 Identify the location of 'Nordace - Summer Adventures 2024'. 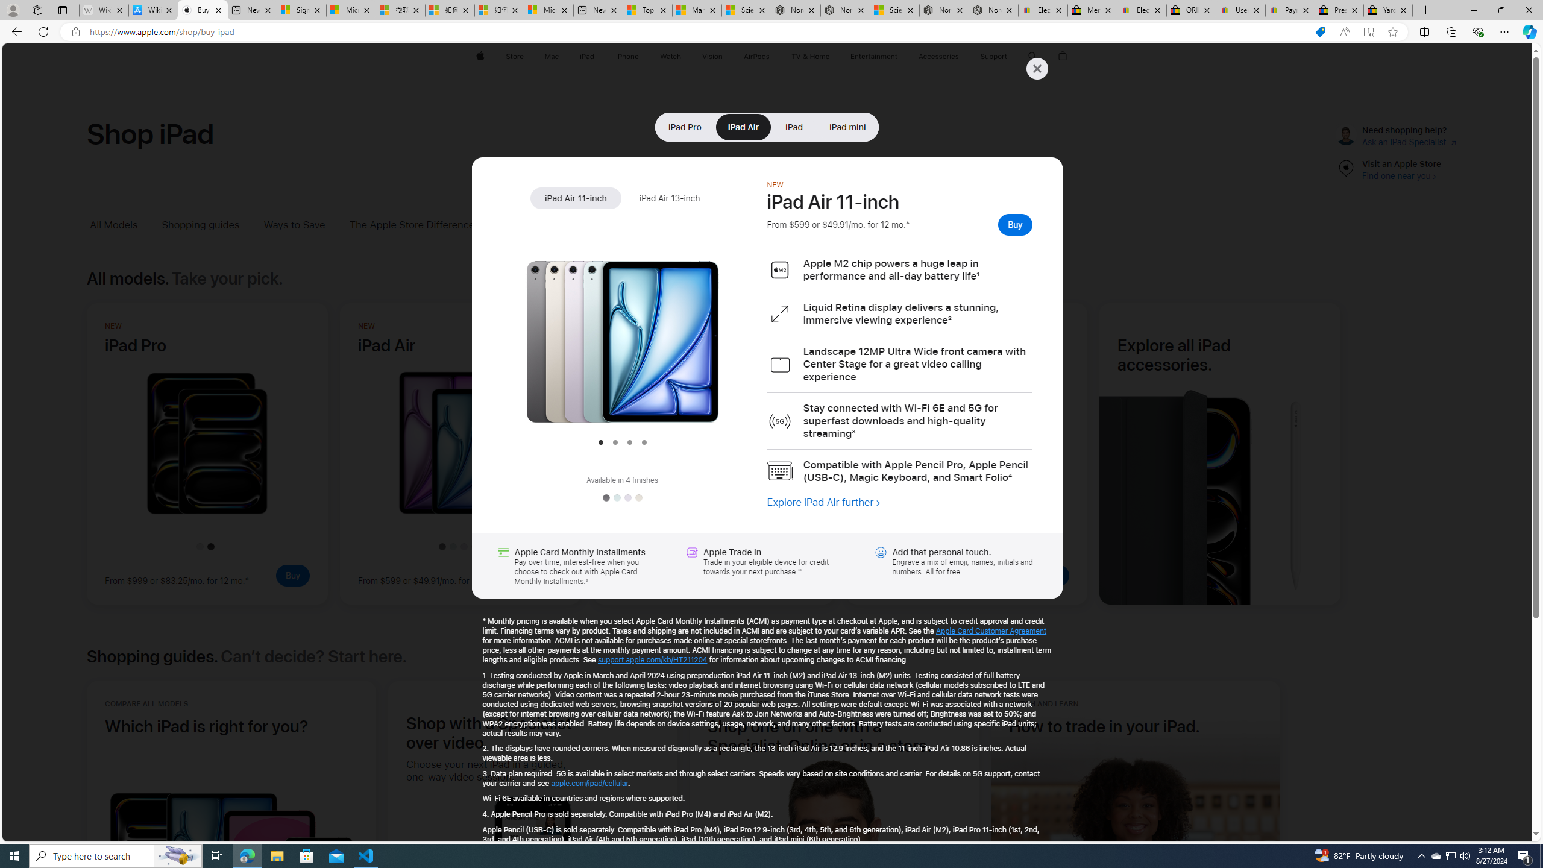
(943, 10).